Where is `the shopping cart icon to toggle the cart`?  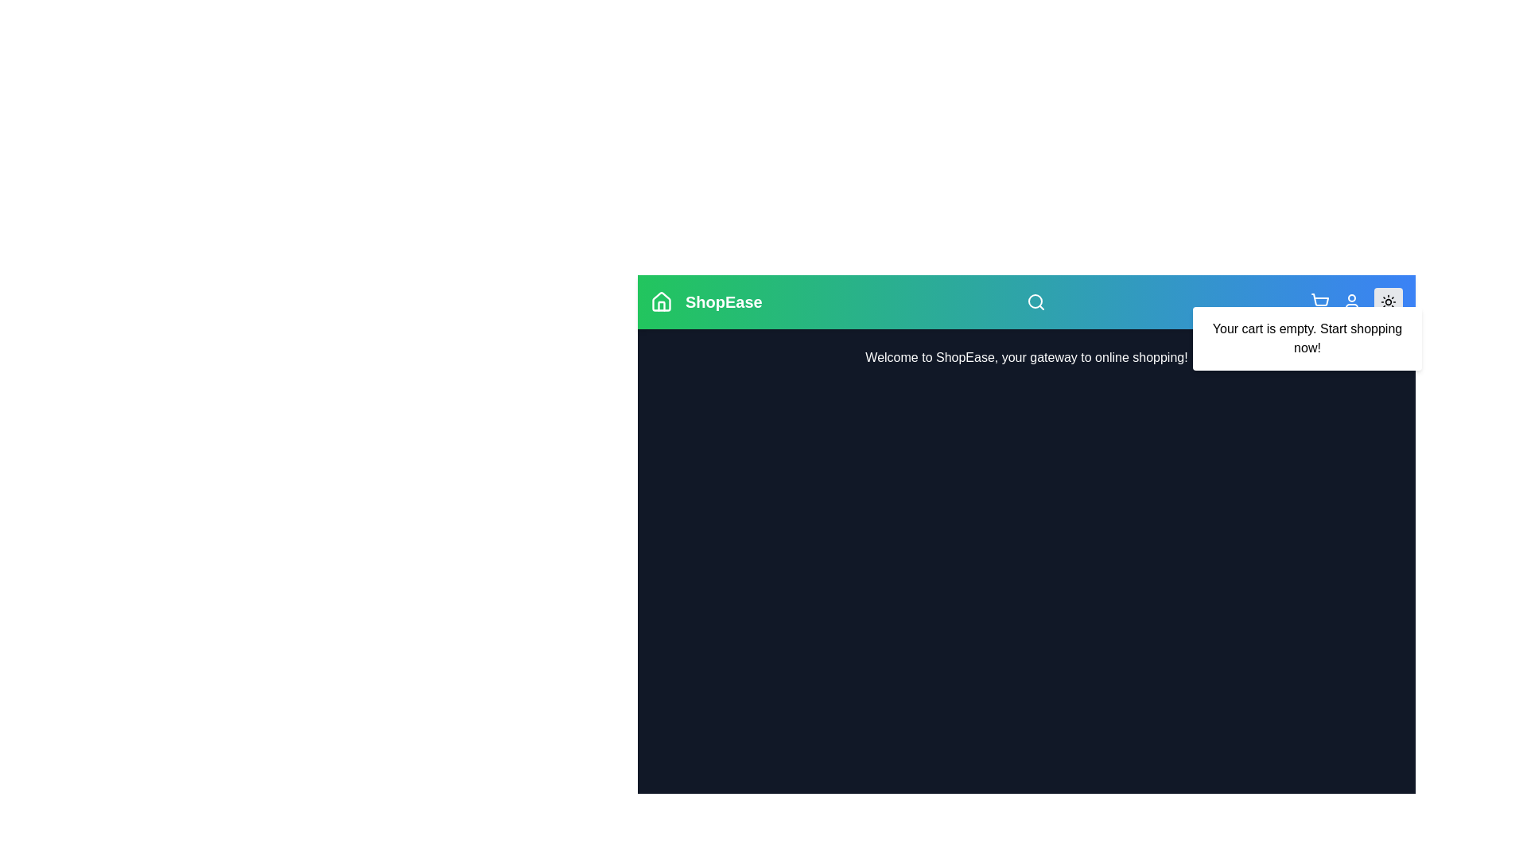 the shopping cart icon to toggle the cart is located at coordinates (1320, 302).